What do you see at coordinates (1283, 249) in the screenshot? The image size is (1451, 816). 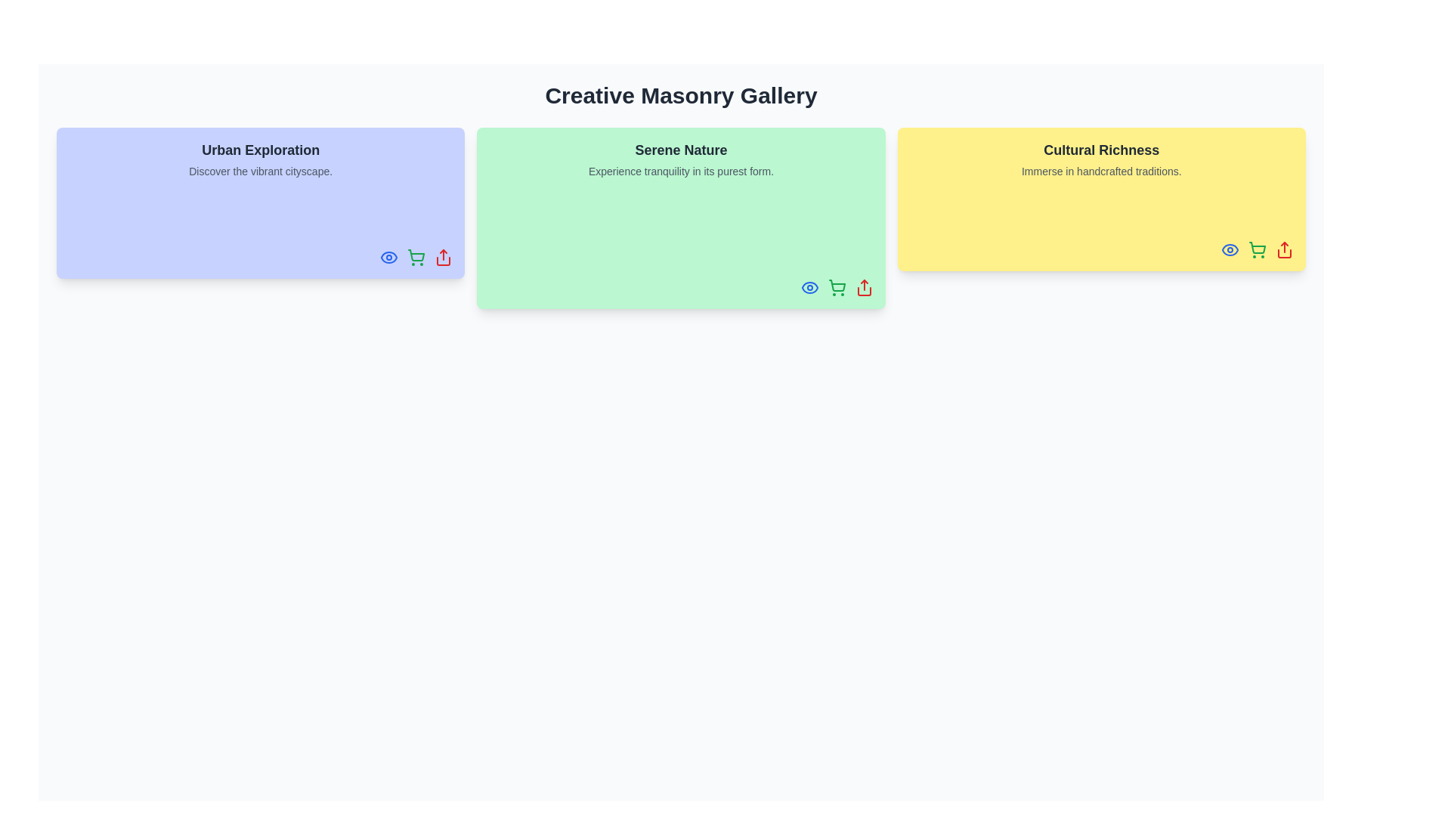 I see `the red 'share' button with an upward arrow at the bottom-right of the 'Cultural Richness' section` at bounding box center [1283, 249].